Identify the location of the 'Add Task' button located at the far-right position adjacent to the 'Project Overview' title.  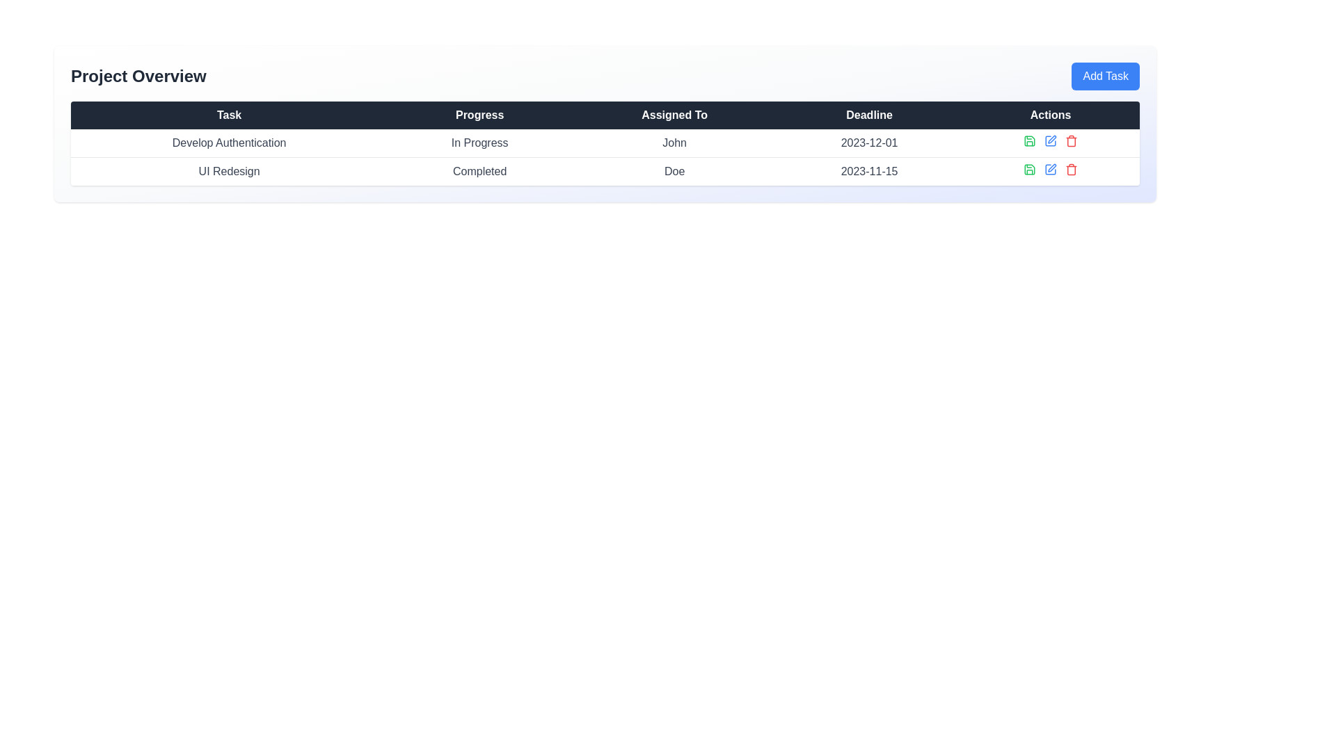
(1105, 76).